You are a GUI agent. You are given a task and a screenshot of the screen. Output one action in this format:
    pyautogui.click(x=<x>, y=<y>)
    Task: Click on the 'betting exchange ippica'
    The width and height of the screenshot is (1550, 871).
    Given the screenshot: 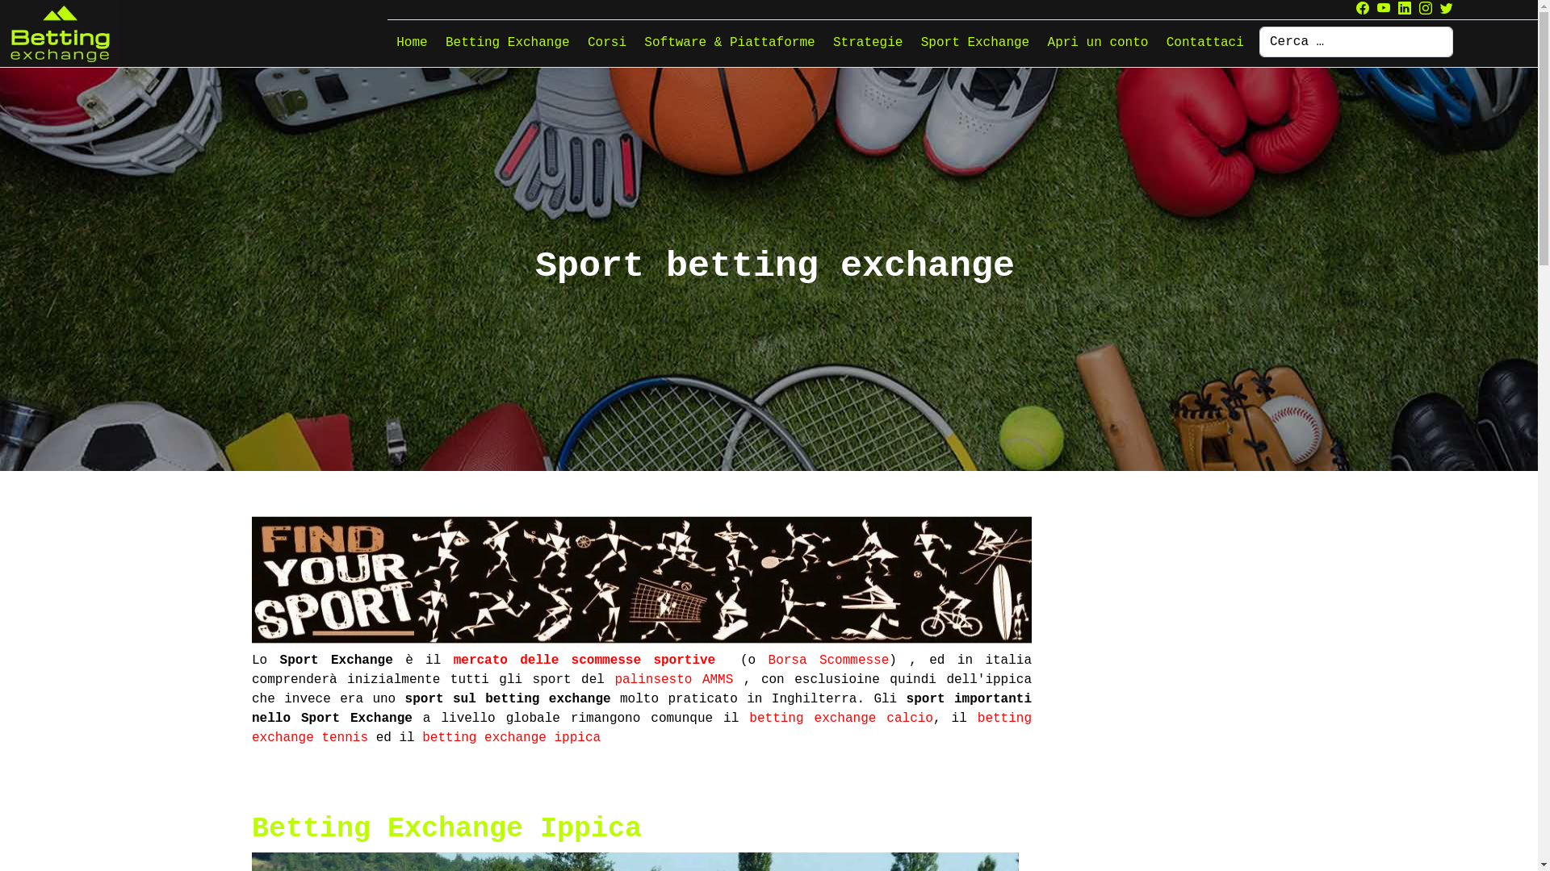 What is the action you would take?
    pyautogui.click(x=510, y=737)
    